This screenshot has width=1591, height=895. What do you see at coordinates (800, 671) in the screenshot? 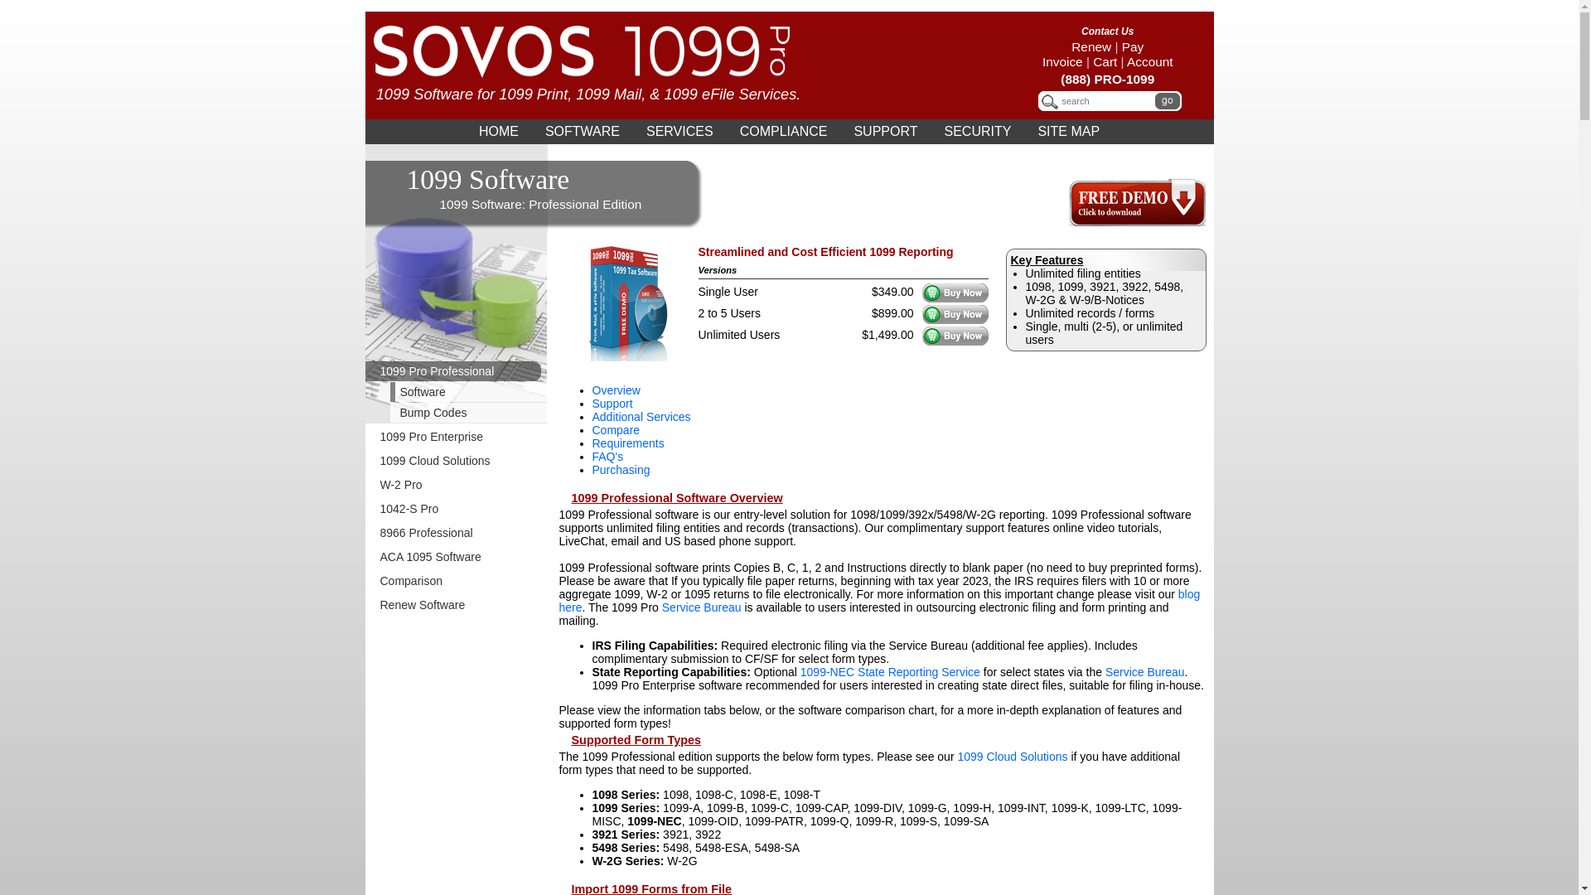
I see `'1099-NEC State Reporting Service'` at bounding box center [800, 671].